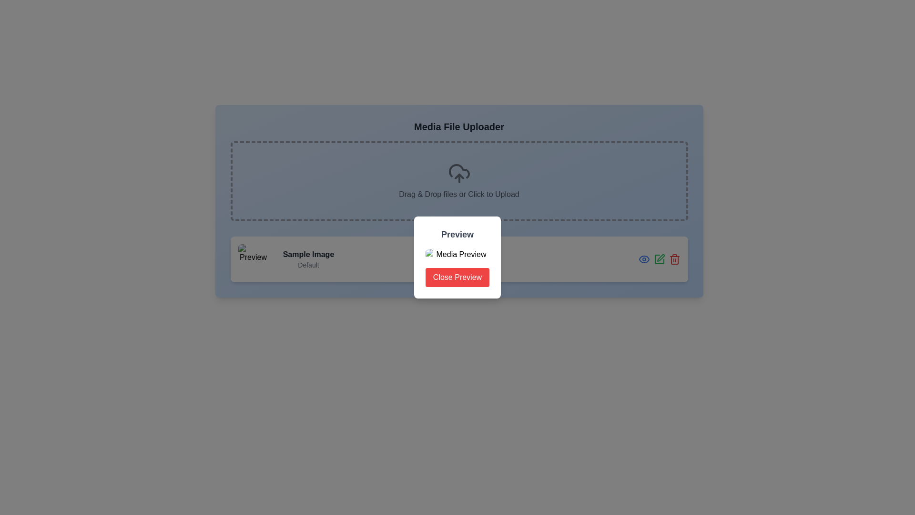 The image size is (915, 515). What do you see at coordinates (644, 259) in the screenshot?
I see `the leftmost icon button in the bottom-right corner of the interface` at bounding box center [644, 259].